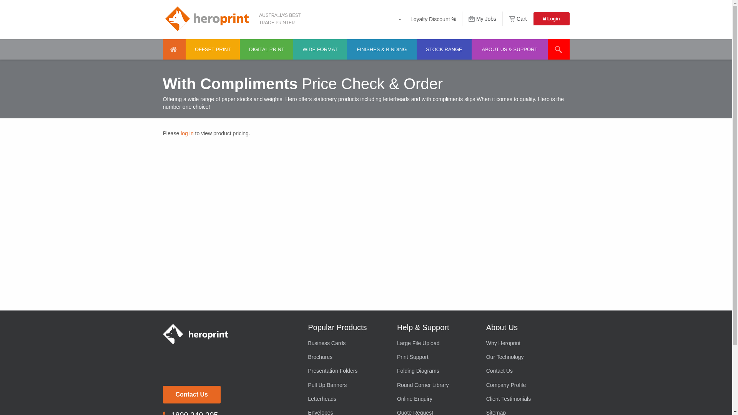 This screenshot has width=738, height=415. What do you see at coordinates (346, 385) in the screenshot?
I see `'Pull Up Banners'` at bounding box center [346, 385].